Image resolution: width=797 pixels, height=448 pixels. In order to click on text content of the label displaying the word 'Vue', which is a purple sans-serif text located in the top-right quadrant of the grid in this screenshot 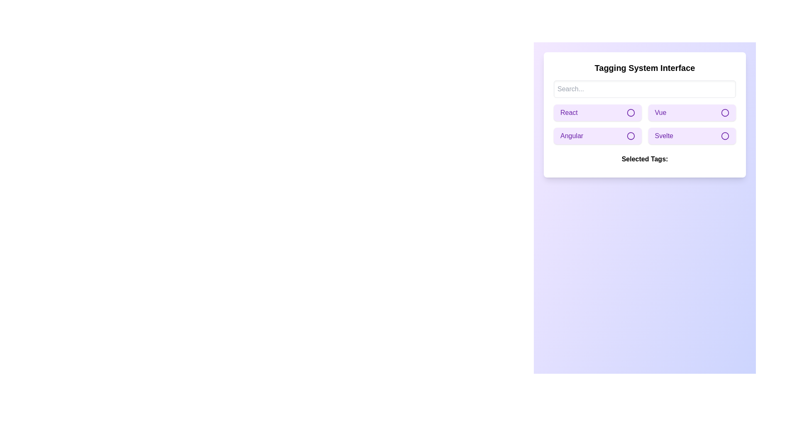, I will do `click(660, 113)`.